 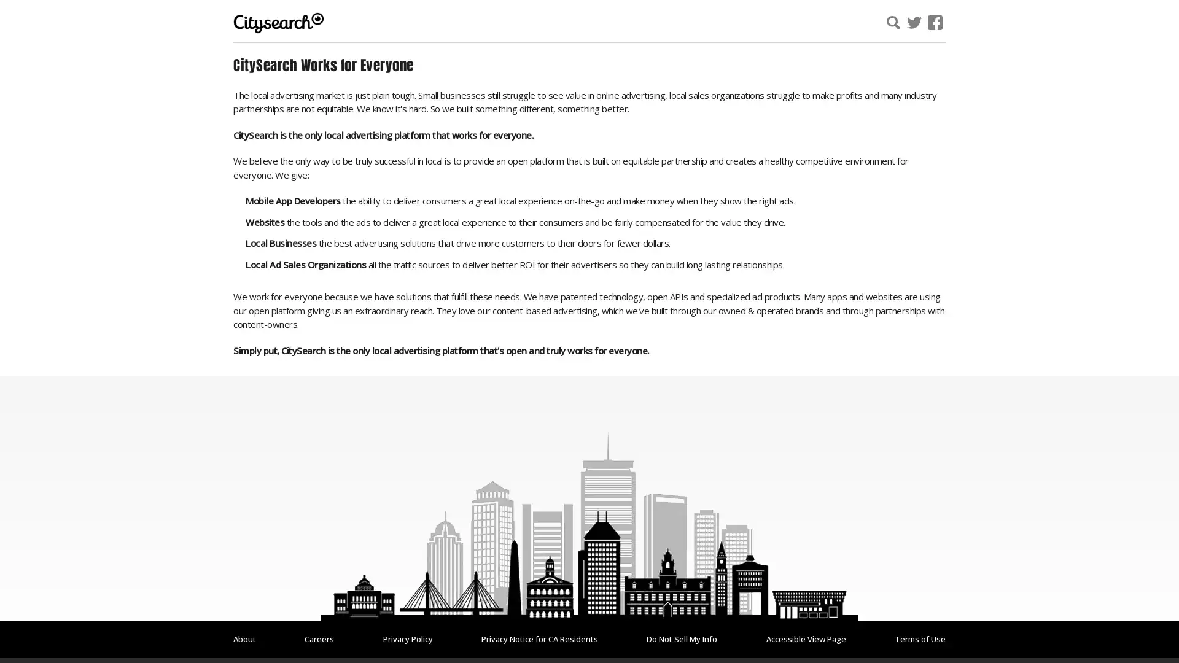 I want to click on Search, so click(x=1040, y=24).